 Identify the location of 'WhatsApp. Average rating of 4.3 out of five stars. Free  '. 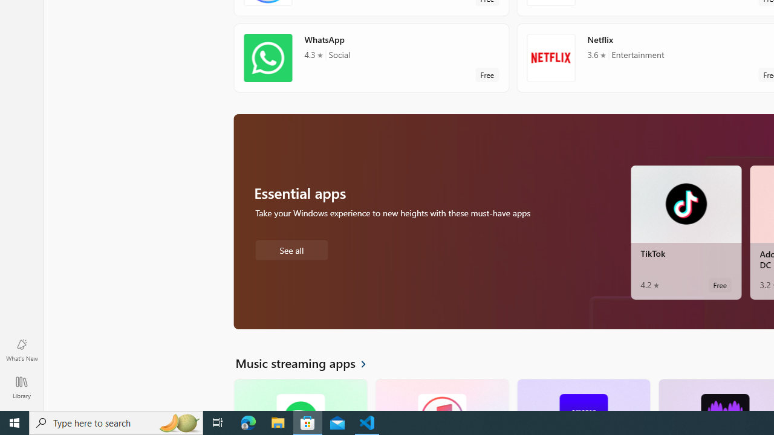
(371, 57).